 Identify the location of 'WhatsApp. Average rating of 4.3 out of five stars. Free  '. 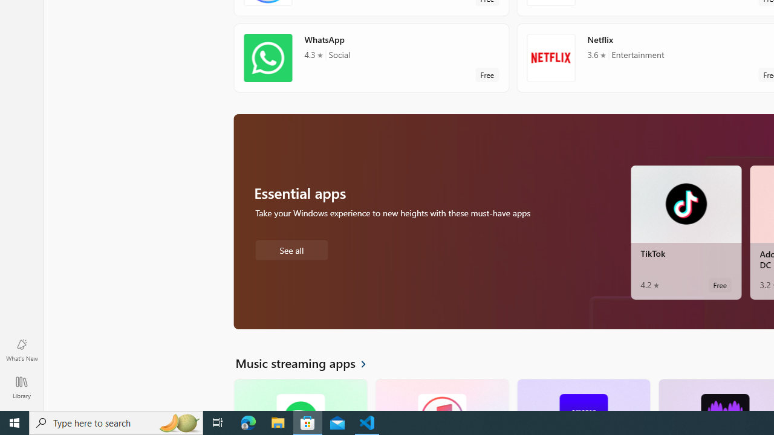
(371, 57).